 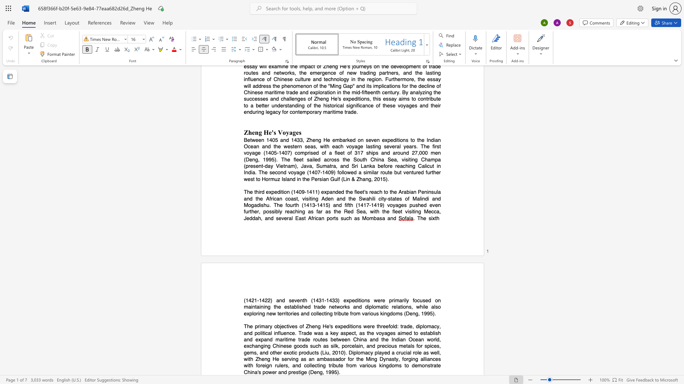 What do you see at coordinates (322, 372) in the screenshot?
I see `the subset text ", 1995)." within the text "China"` at bounding box center [322, 372].